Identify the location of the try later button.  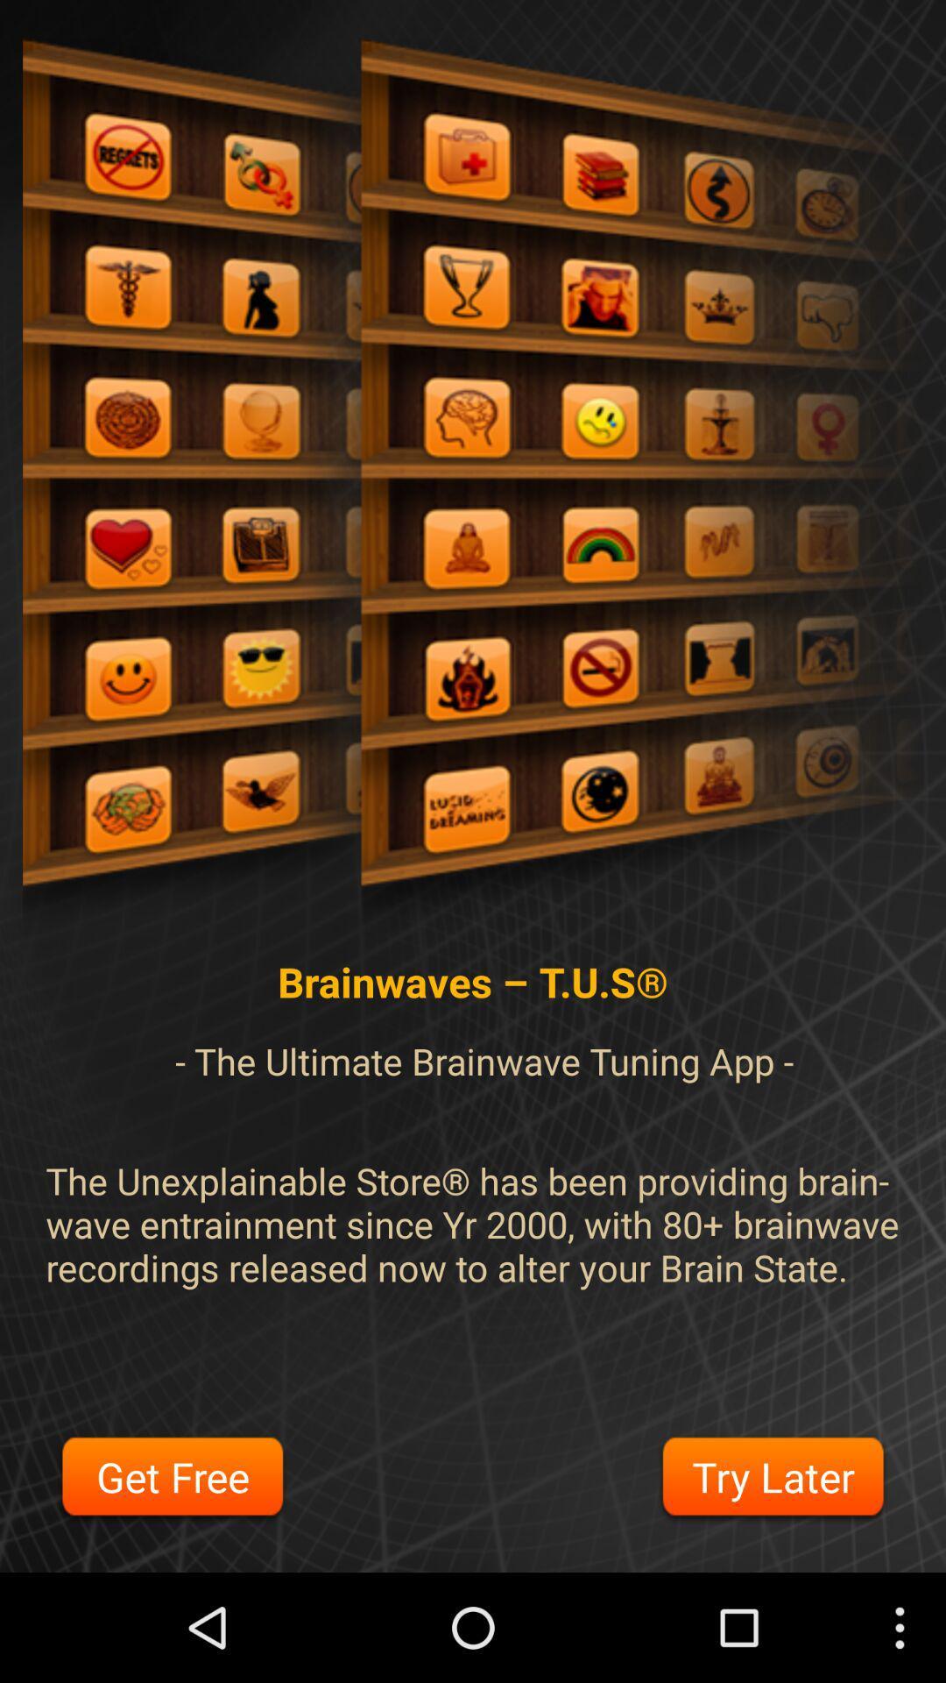
(772, 1480).